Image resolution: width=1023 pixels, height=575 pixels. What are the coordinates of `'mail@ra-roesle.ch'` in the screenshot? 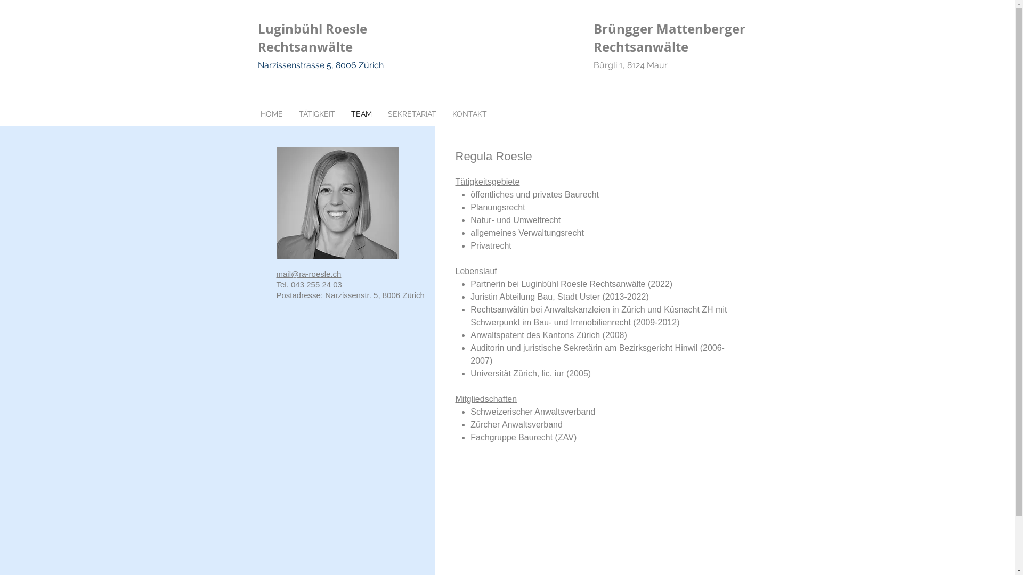 It's located at (308, 273).